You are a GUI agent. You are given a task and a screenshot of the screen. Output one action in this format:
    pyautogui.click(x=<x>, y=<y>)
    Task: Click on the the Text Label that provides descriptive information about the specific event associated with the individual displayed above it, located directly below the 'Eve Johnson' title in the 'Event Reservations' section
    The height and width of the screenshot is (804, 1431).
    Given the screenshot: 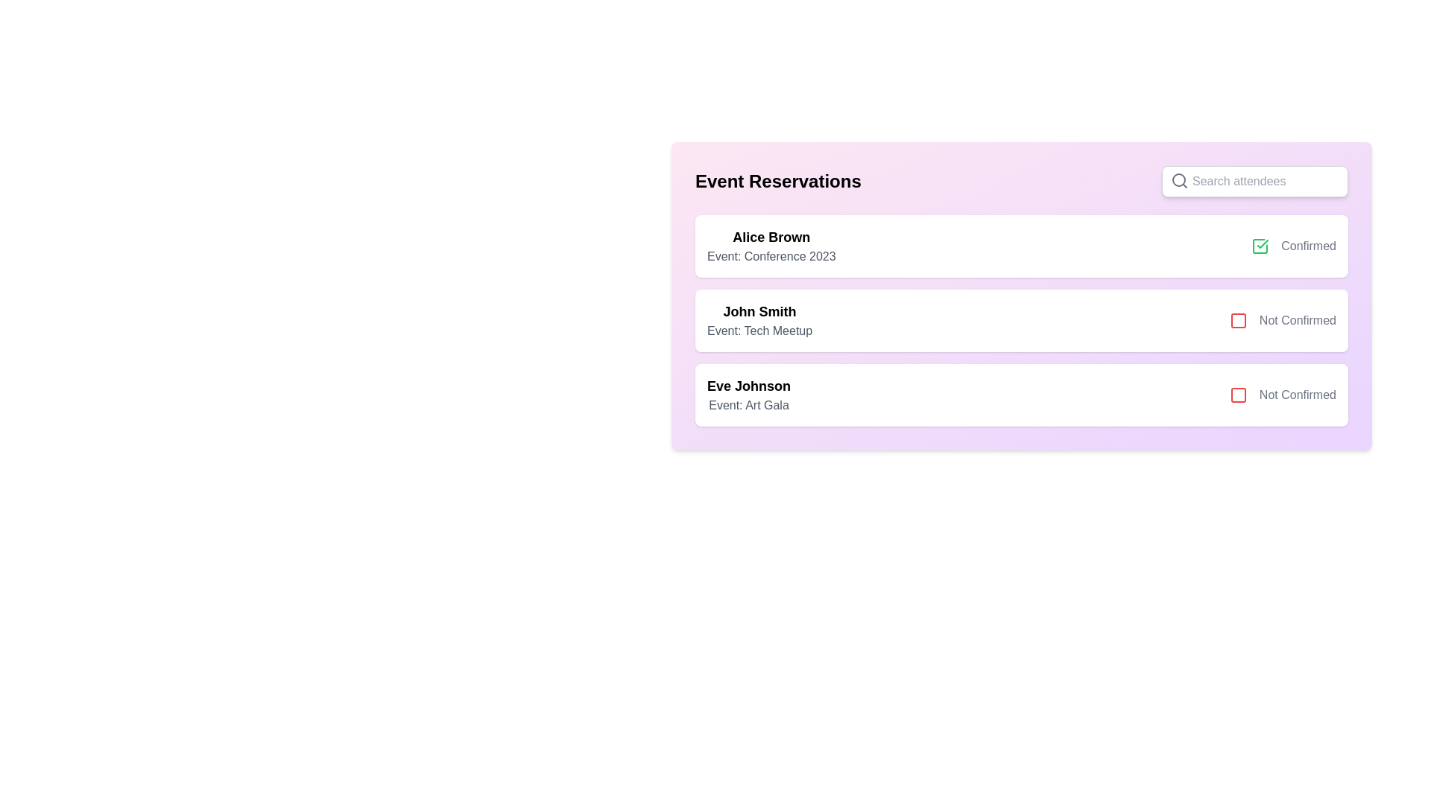 What is the action you would take?
    pyautogui.click(x=748, y=405)
    